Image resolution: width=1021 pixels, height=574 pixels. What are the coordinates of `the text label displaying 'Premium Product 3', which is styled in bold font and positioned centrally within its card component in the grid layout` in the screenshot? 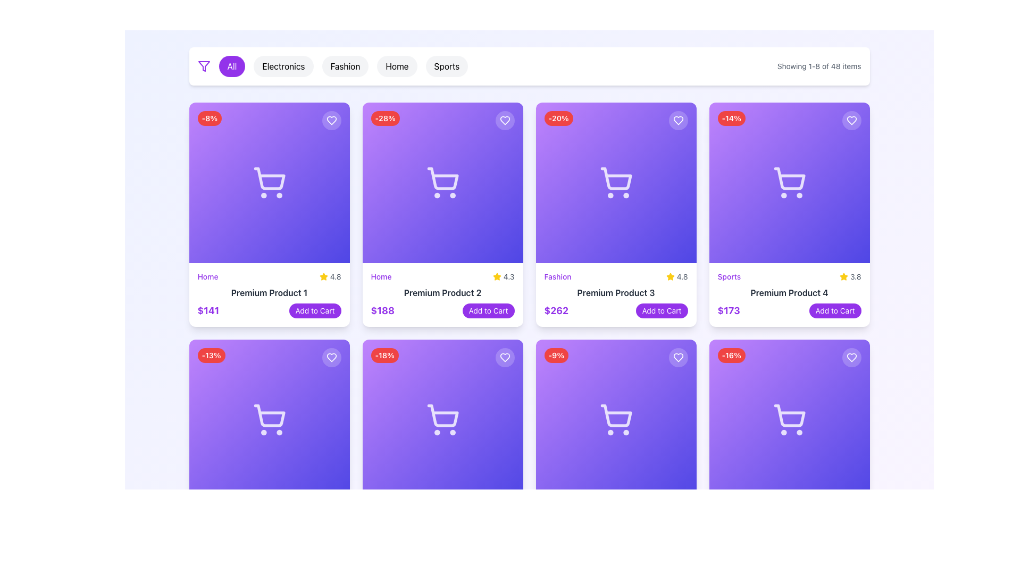 It's located at (616, 293).